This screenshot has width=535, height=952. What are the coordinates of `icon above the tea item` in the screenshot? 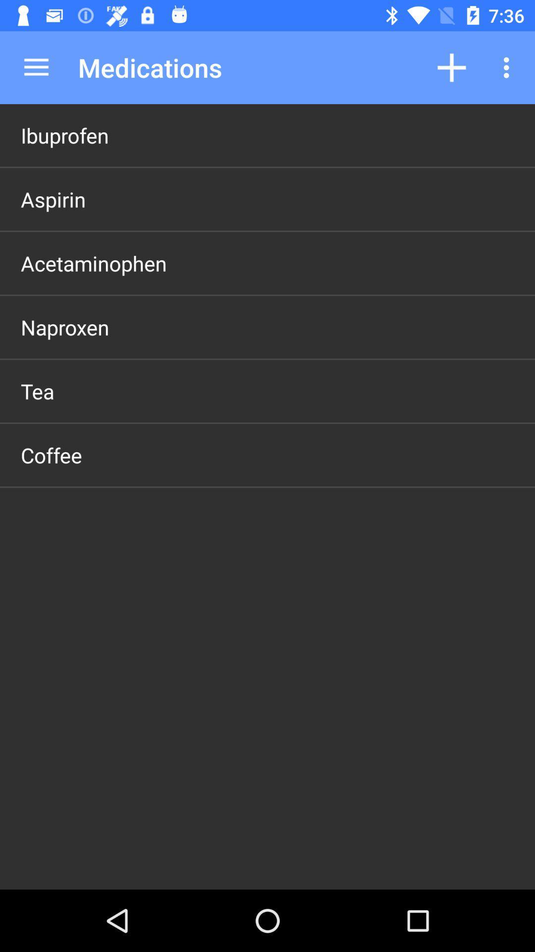 It's located at (65, 327).